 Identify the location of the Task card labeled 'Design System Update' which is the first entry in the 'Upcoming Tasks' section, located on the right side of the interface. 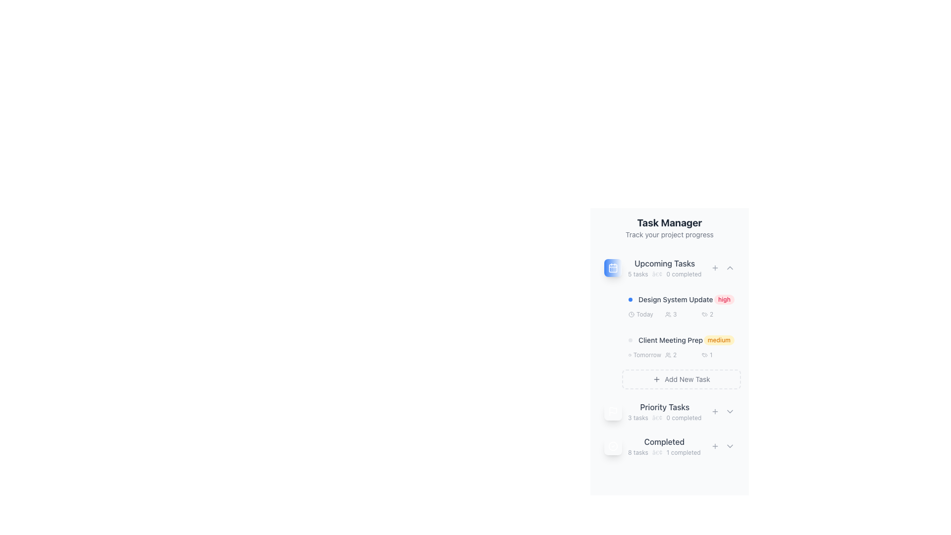
(681, 306).